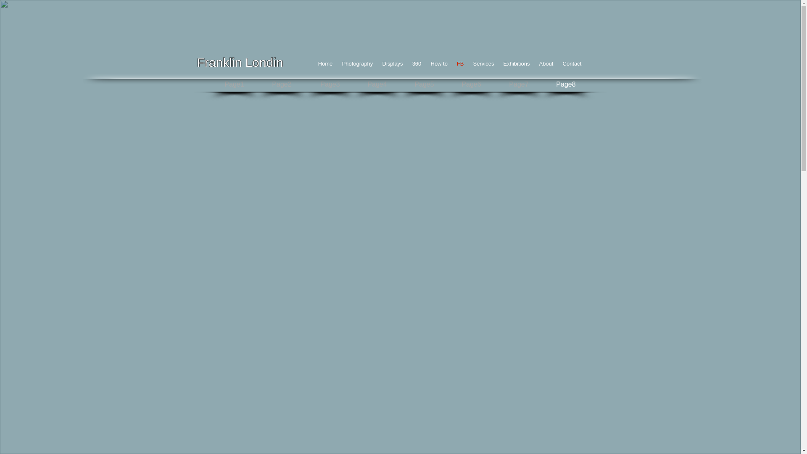  Describe the element at coordinates (546, 63) in the screenshot. I see `'About'` at that location.